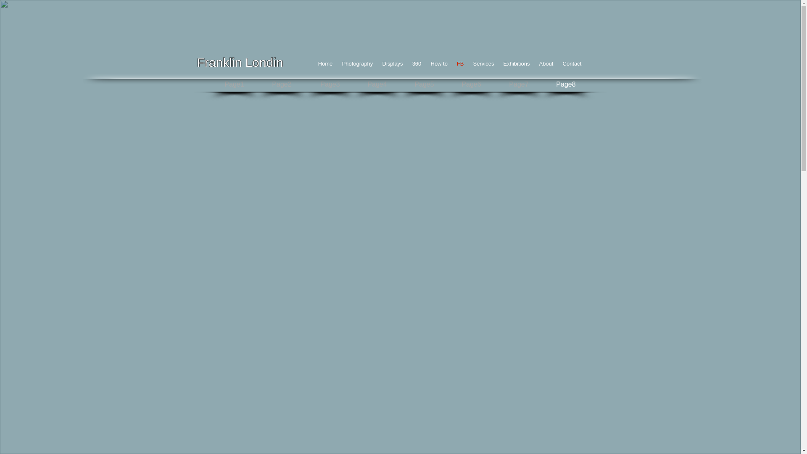  Describe the element at coordinates (546, 63) in the screenshot. I see `'About'` at that location.